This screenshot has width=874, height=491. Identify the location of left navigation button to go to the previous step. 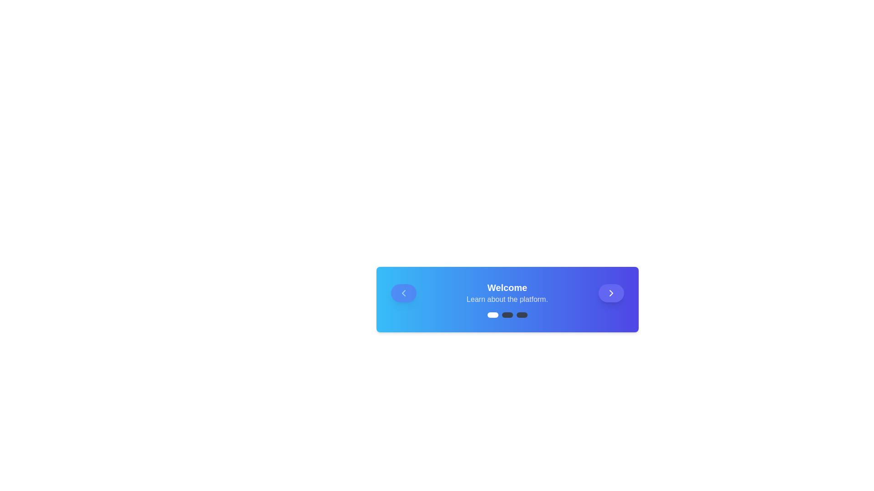
(403, 293).